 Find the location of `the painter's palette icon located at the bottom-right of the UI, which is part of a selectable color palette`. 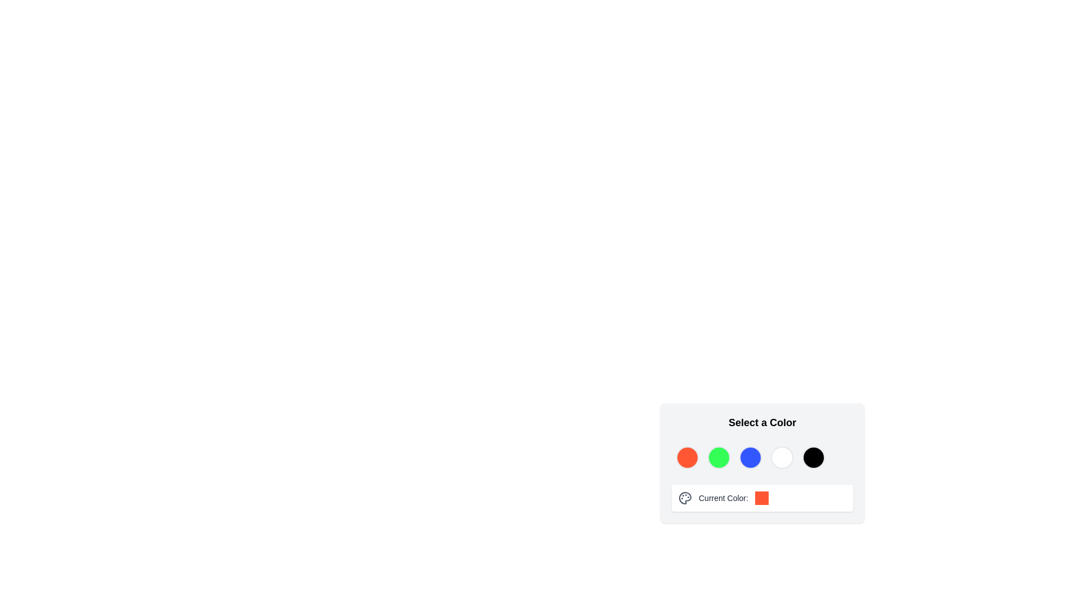

the painter's palette icon located at the bottom-right of the UI, which is part of a selectable color palette is located at coordinates (684, 497).